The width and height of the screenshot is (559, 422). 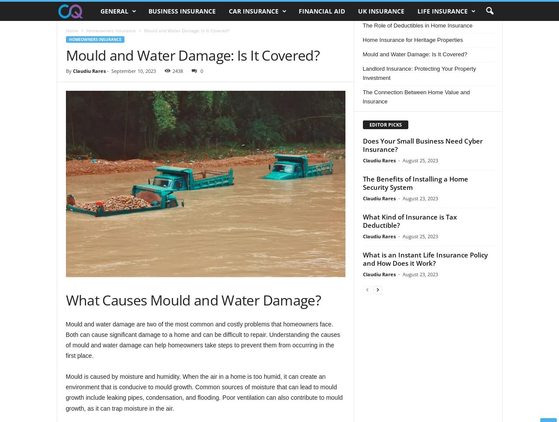 What do you see at coordinates (65, 30) in the screenshot?
I see `'Home'` at bounding box center [65, 30].